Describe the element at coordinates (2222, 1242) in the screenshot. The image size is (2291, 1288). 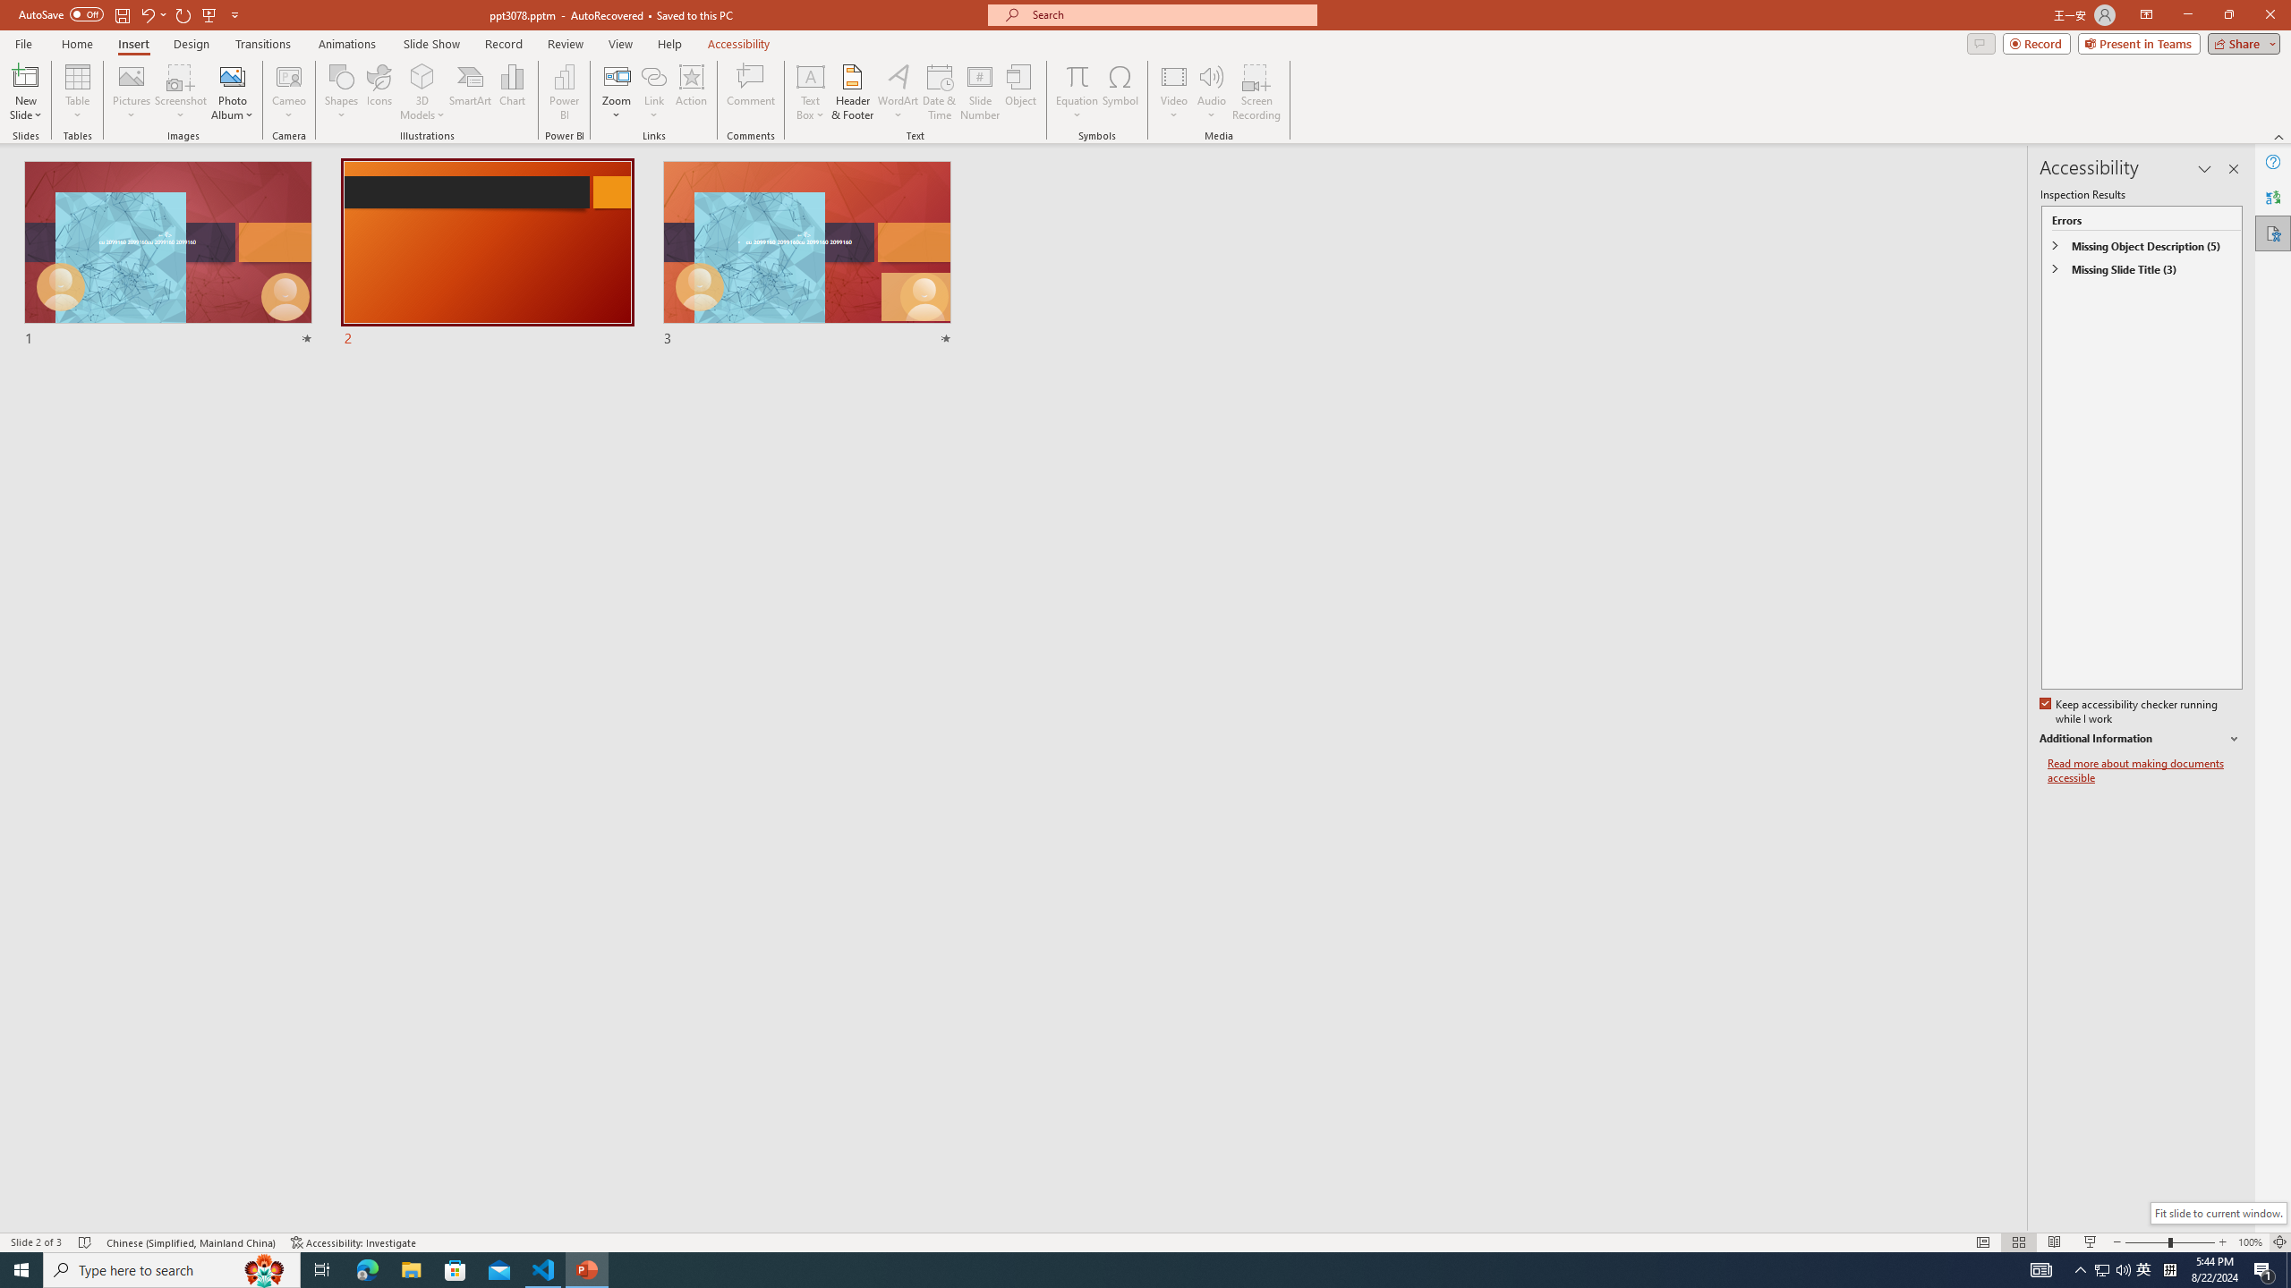
I see `'Zoom In'` at that location.